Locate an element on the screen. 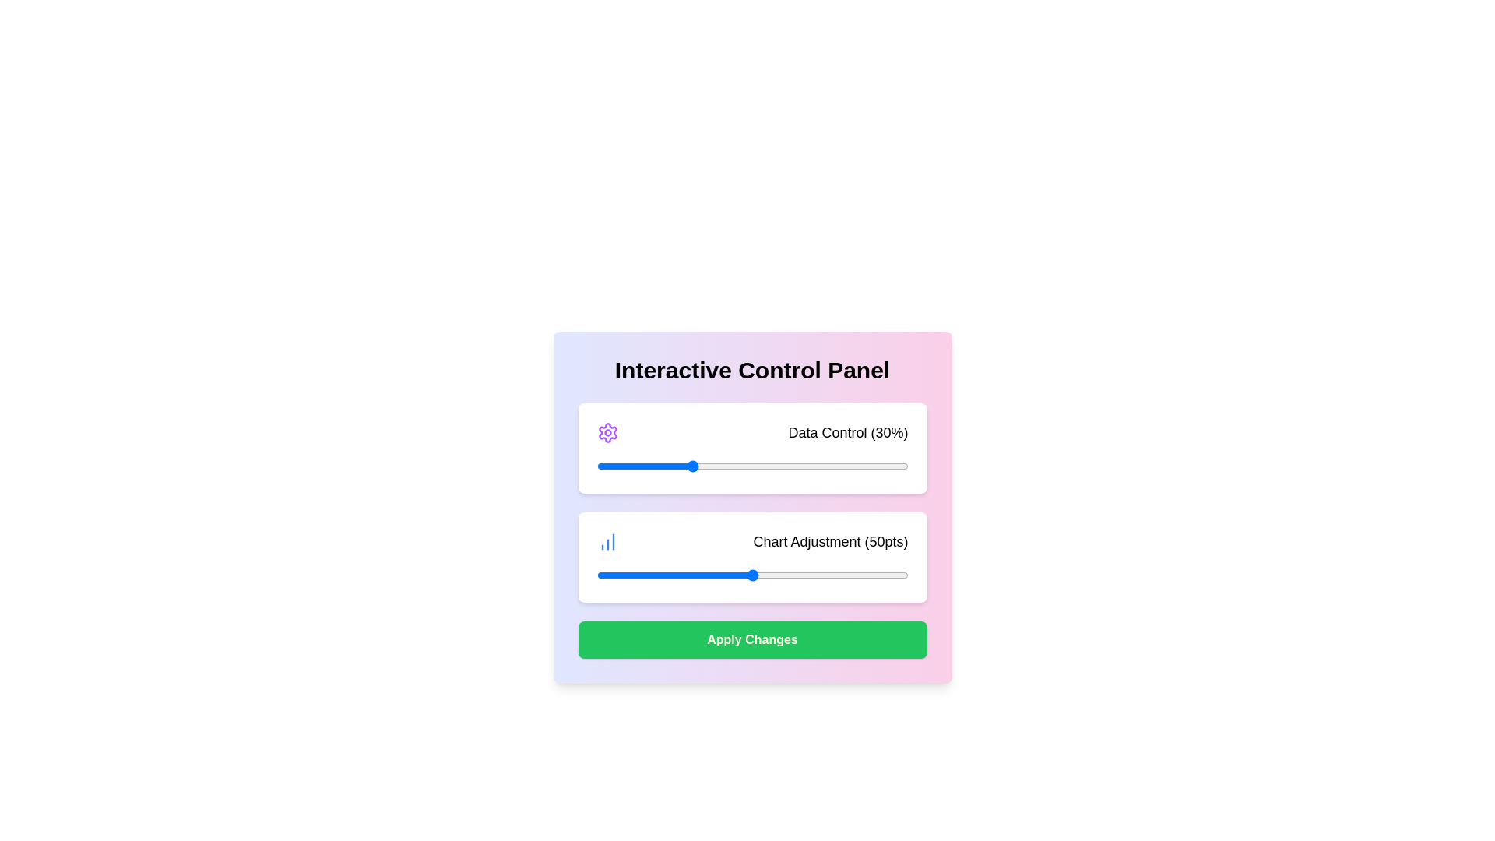  the 'Chart Adjustment' slider to a value of 48 points is located at coordinates (745, 575).